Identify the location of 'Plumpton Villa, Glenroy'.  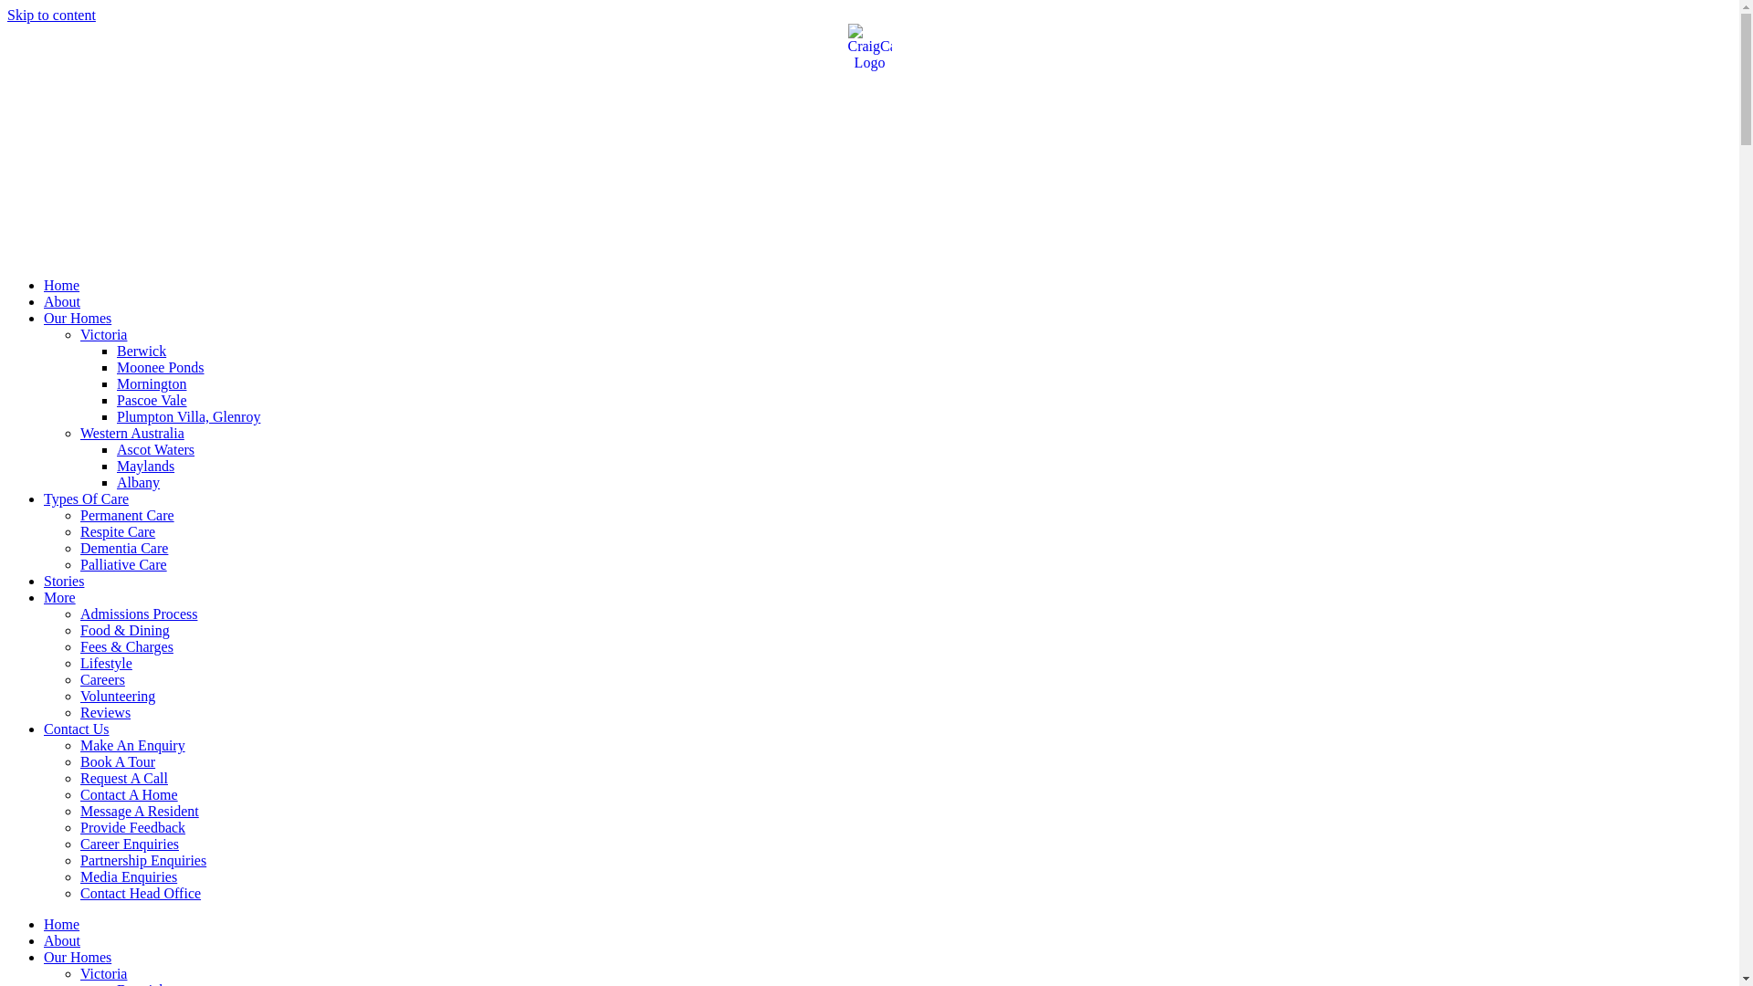
(188, 416).